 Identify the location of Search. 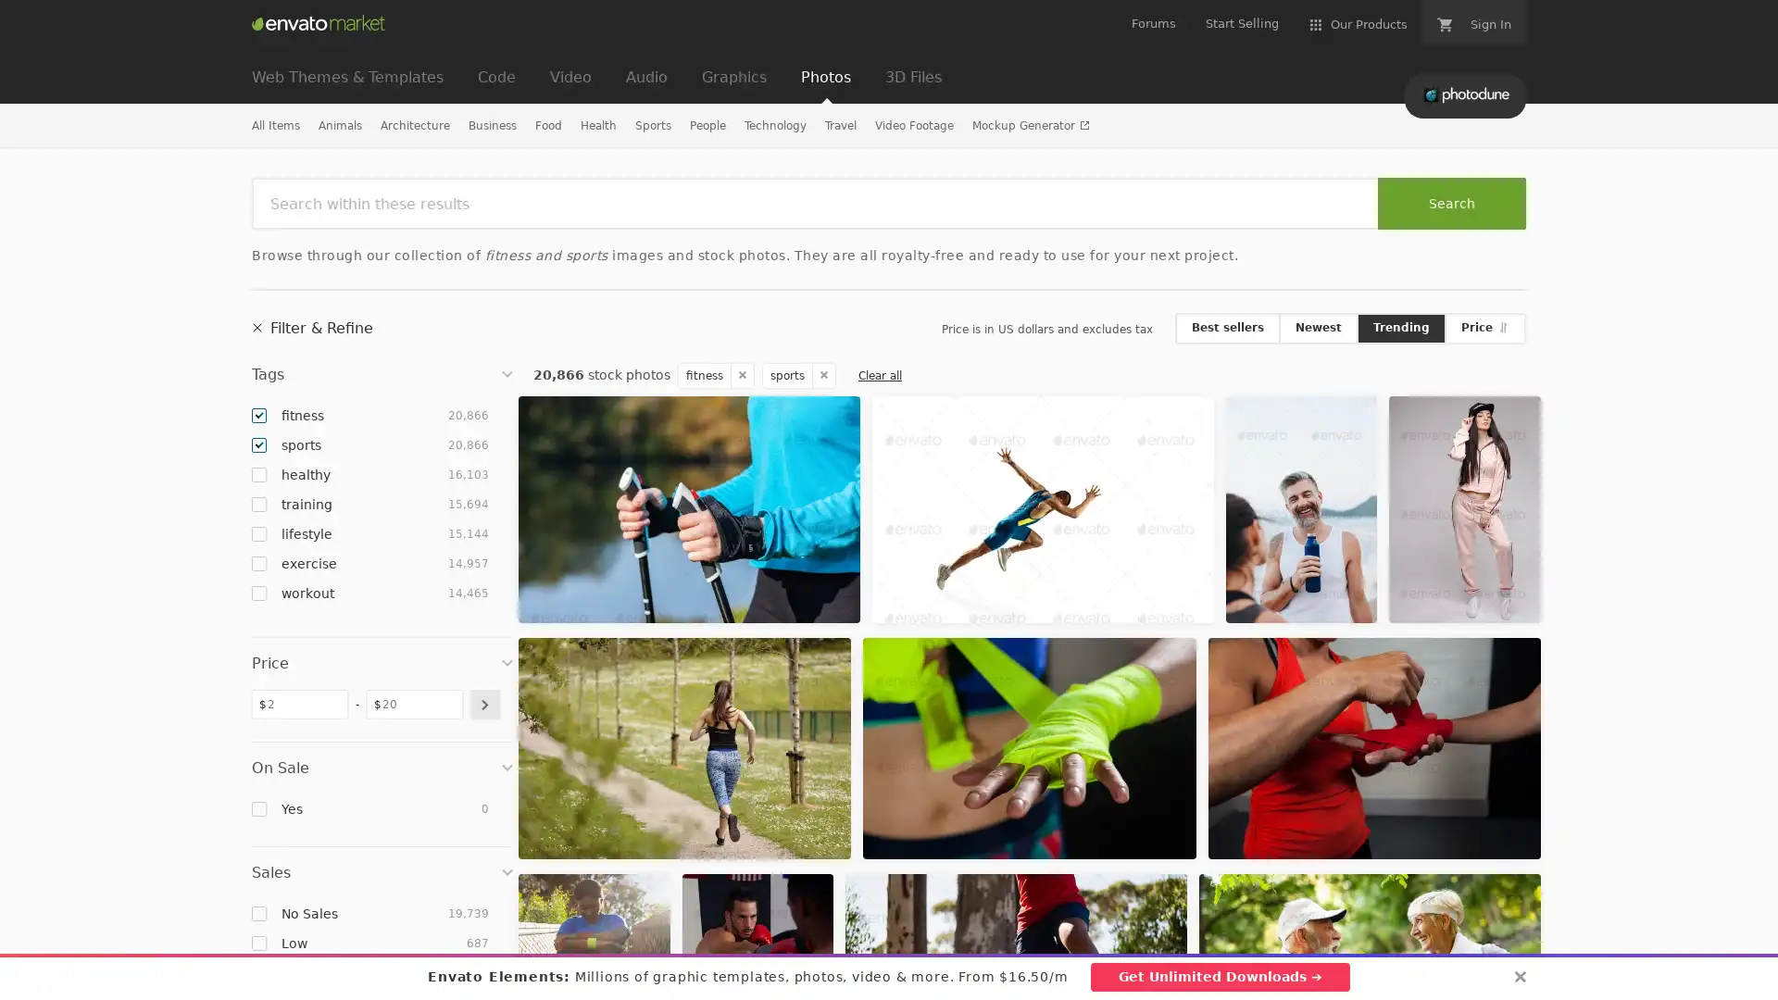
(1451, 203).